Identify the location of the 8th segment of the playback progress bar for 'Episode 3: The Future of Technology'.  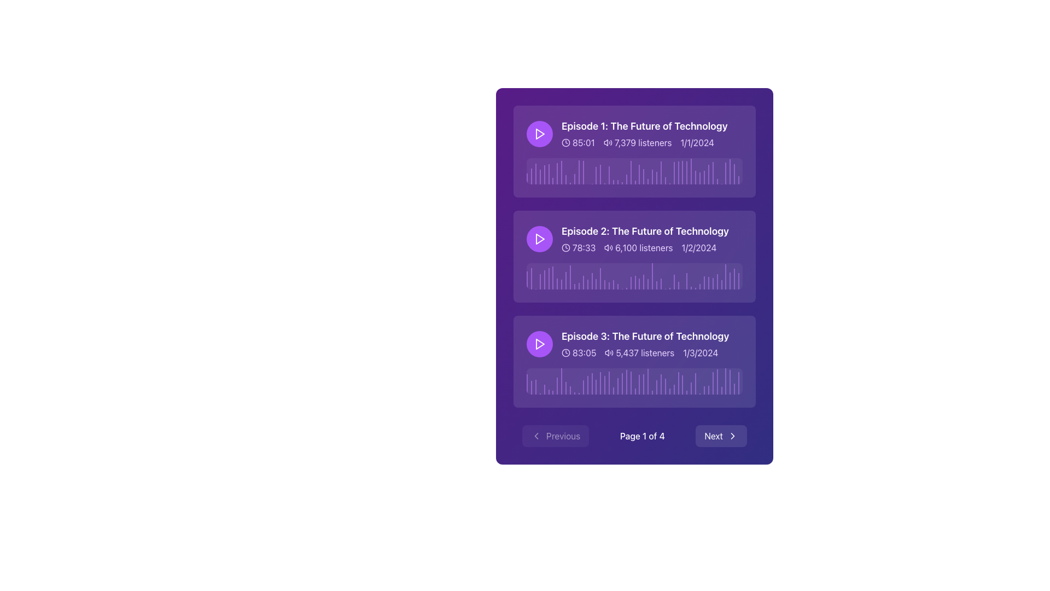
(557, 385).